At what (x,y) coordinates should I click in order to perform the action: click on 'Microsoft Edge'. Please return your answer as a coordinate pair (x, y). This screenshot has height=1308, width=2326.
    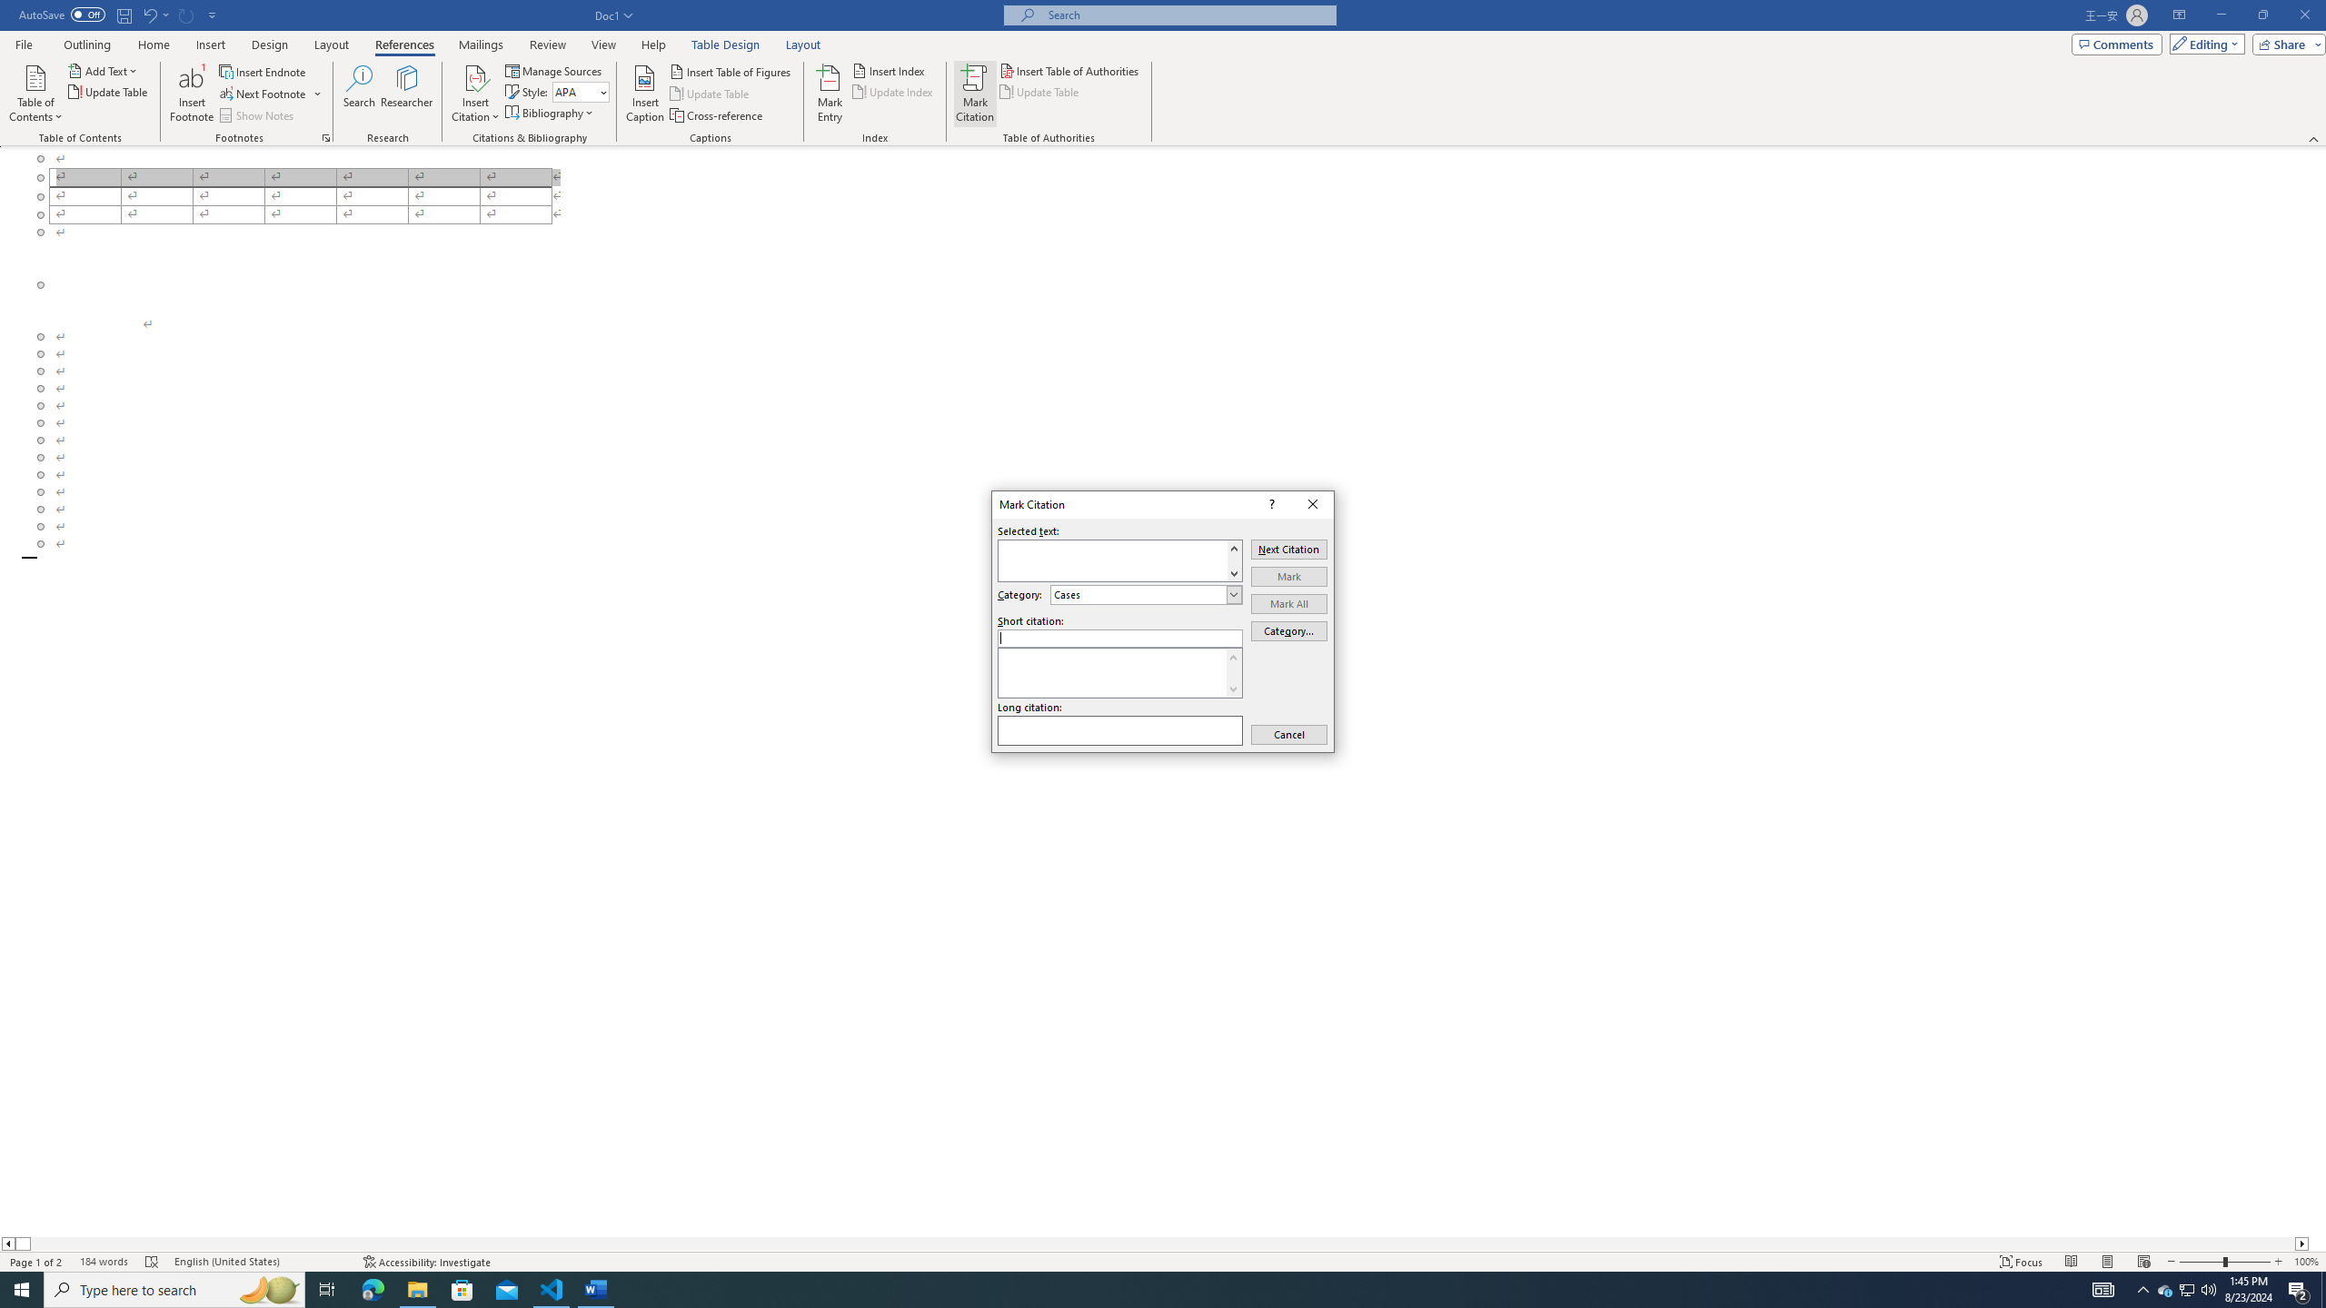
    Looking at the image, I should click on (372, 1288).